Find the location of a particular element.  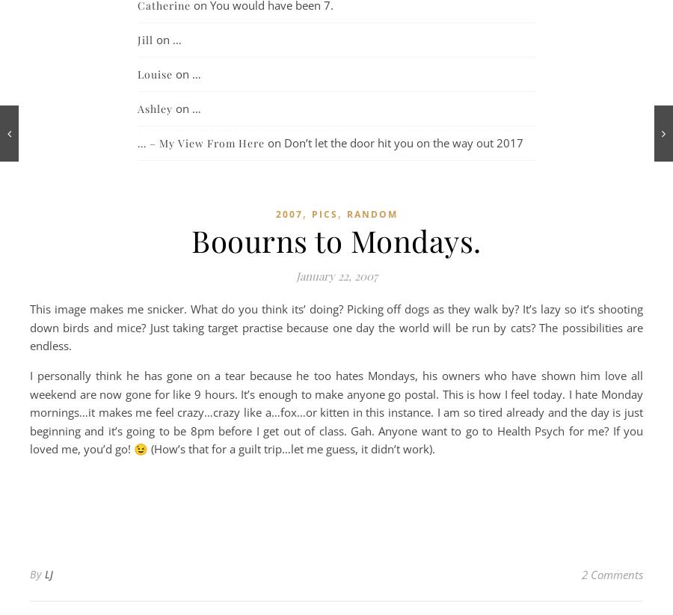

'This image makes me snicker. What do you think its’ doing? Picking off dogs as they walk by? It’s lazy so it’s shooting down birds and mice? Just taking target practise because one day the world will be run by cats? The possibilities are endless.' is located at coordinates (336, 326).